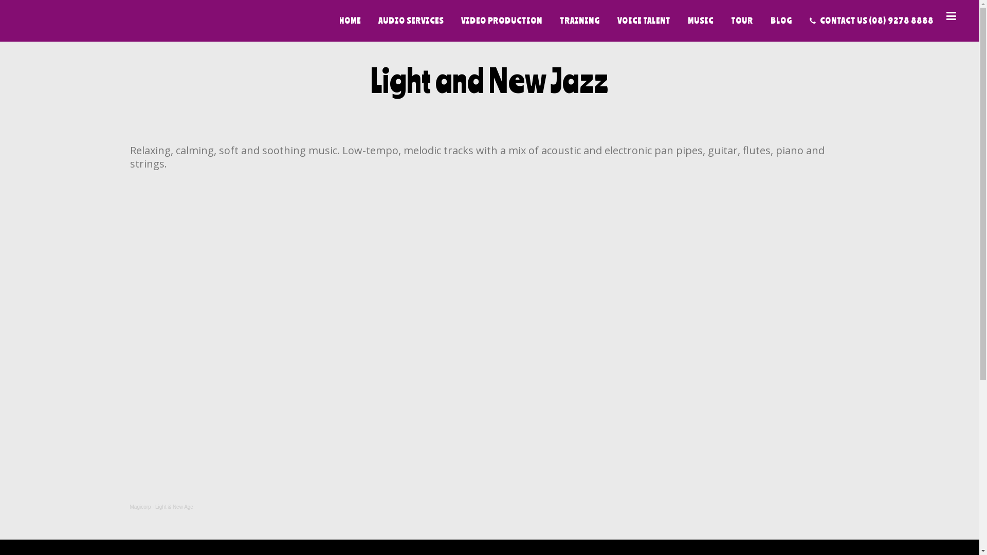 This screenshot has width=987, height=555. Describe the element at coordinates (410, 20) in the screenshot. I see `'AUDIO SERVICES'` at that location.